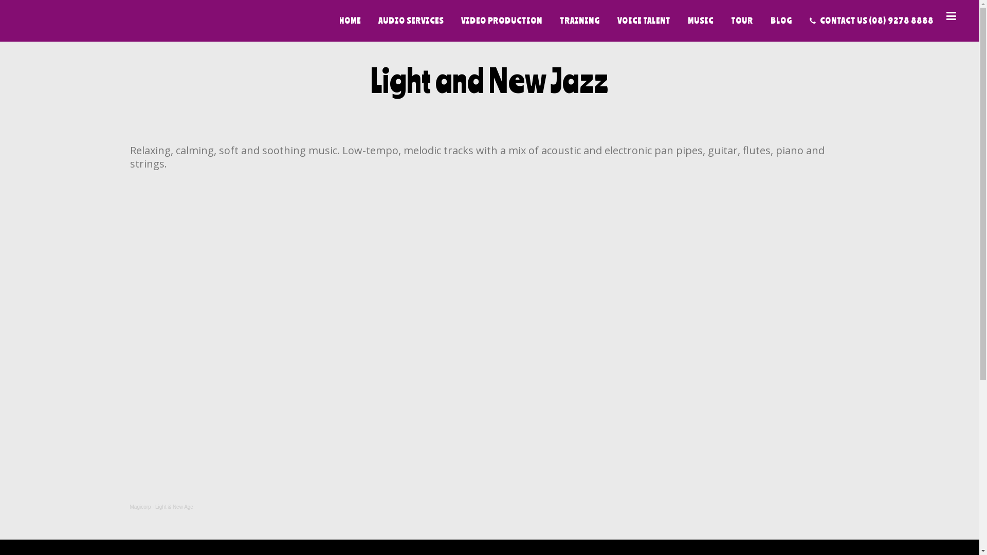 This screenshot has width=987, height=555. Describe the element at coordinates (410, 20) in the screenshot. I see `'AUDIO SERVICES'` at that location.